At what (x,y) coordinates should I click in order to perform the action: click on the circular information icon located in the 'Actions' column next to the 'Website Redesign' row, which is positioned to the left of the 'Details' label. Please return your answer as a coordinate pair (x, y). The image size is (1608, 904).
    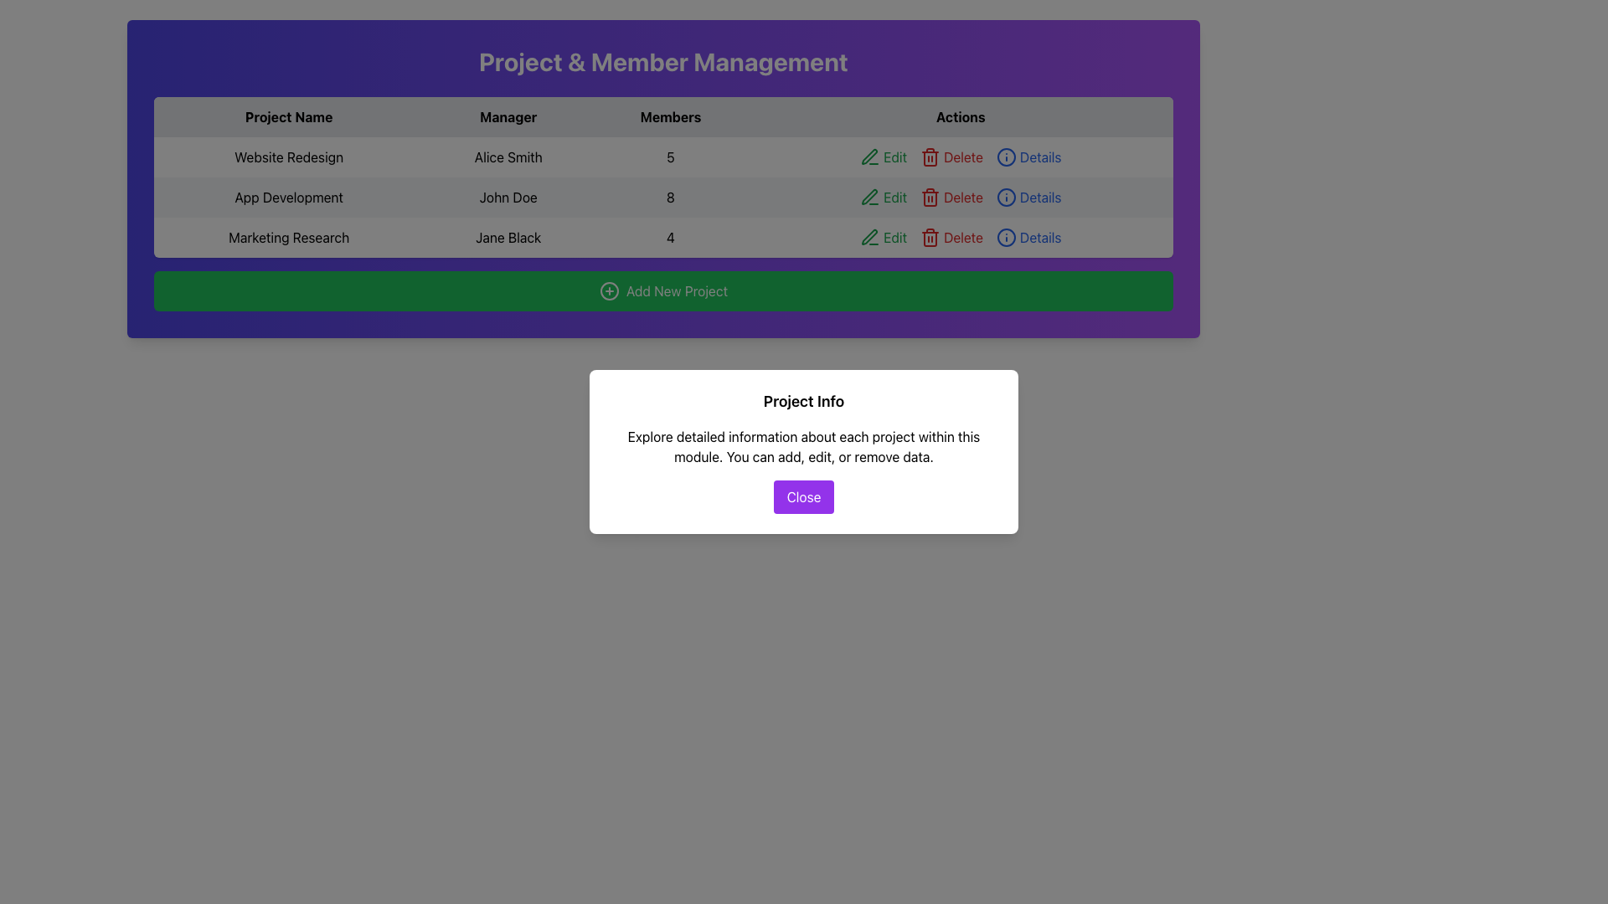
    Looking at the image, I should click on (1005, 157).